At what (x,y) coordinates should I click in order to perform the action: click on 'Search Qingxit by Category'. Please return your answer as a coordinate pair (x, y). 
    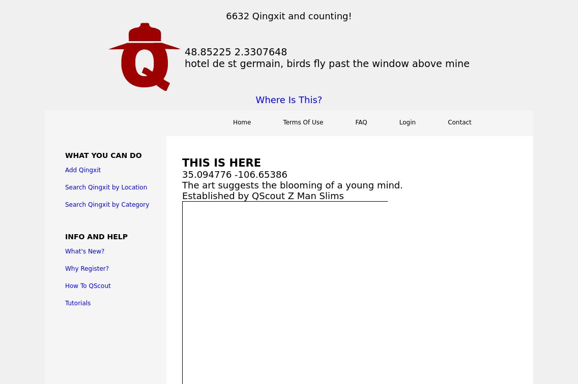
    Looking at the image, I should click on (65, 204).